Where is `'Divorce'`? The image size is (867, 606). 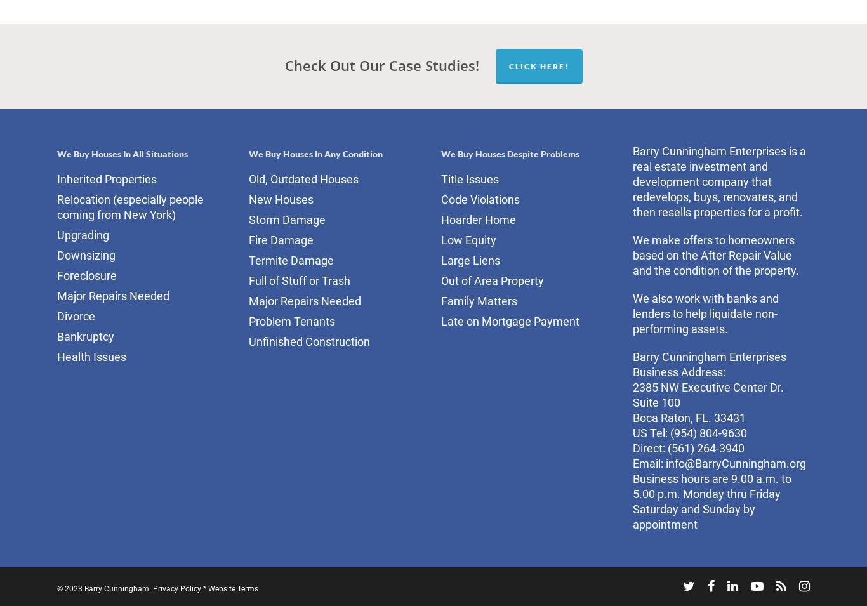
'Divorce' is located at coordinates (75, 315).